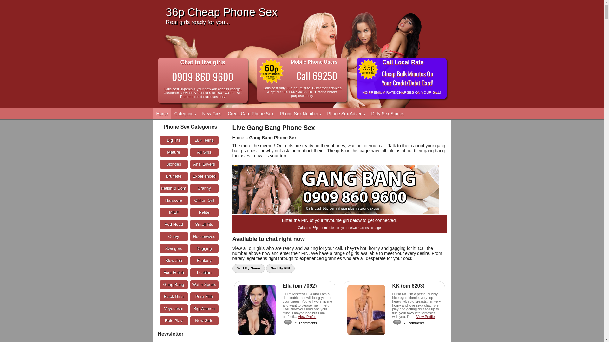 Image resolution: width=609 pixels, height=342 pixels. What do you see at coordinates (174, 321) in the screenshot?
I see `'Role Play'` at bounding box center [174, 321].